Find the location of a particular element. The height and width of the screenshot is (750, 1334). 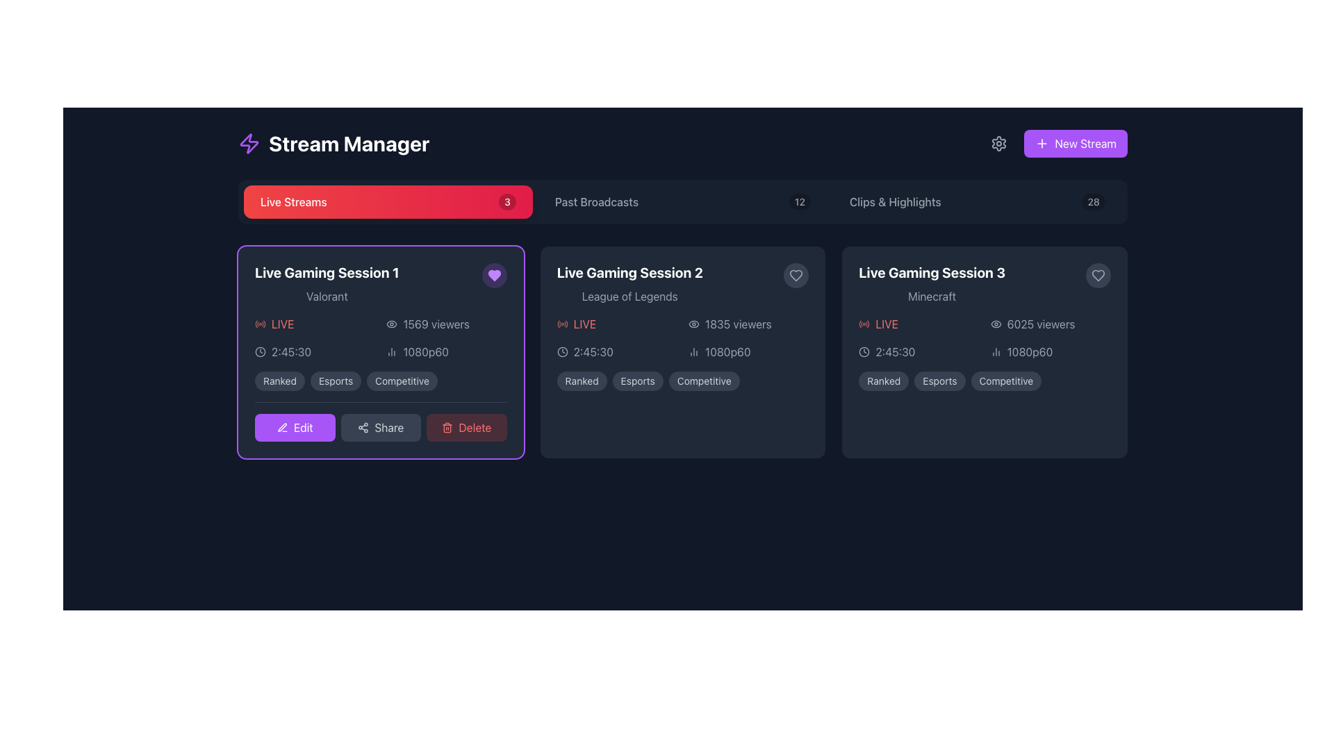

the displayed number '3' in the circular Notification Badge, which is located on the top-right of the red 'Live Streams' button is located at coordinates (507, 201).